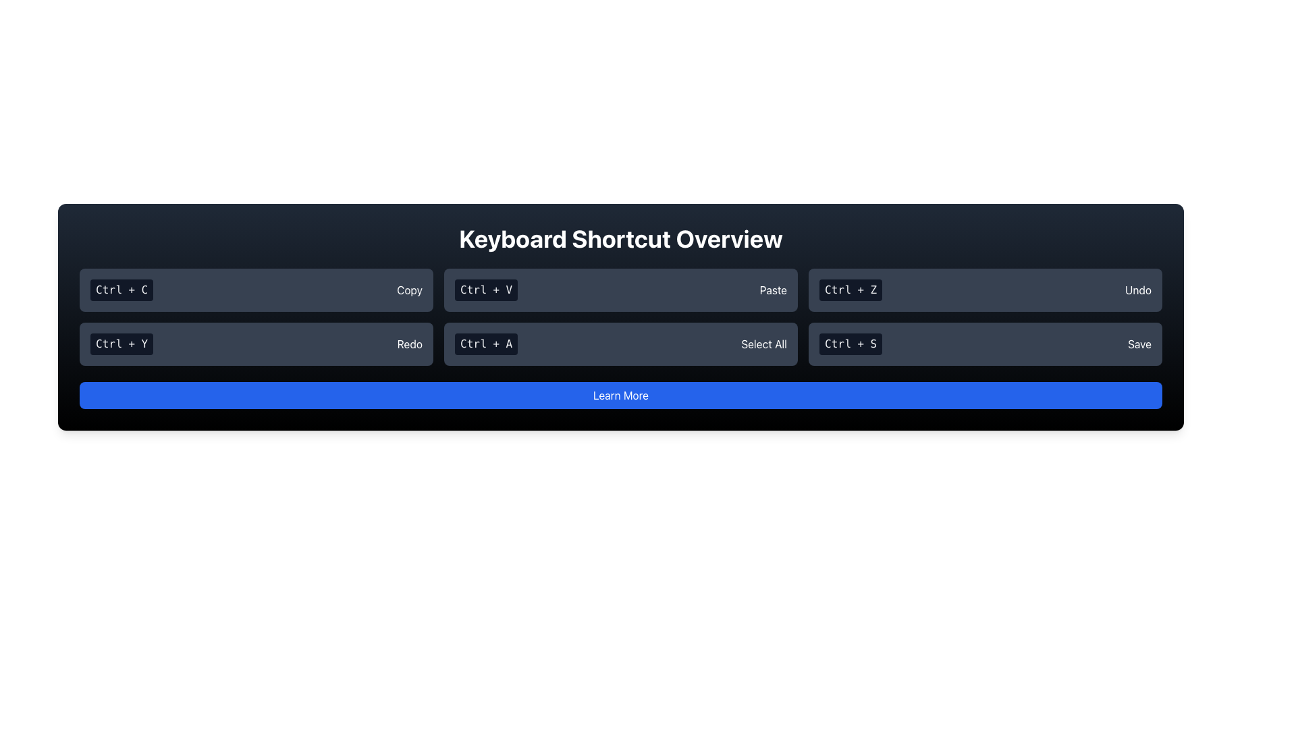  Describe the element at coordinates (256, 343) in the screenshot. I see `the visual content of the keyboard shortcut representation for 'Ctrl + Y' located in the second row and first column of the grid layout` at that location.